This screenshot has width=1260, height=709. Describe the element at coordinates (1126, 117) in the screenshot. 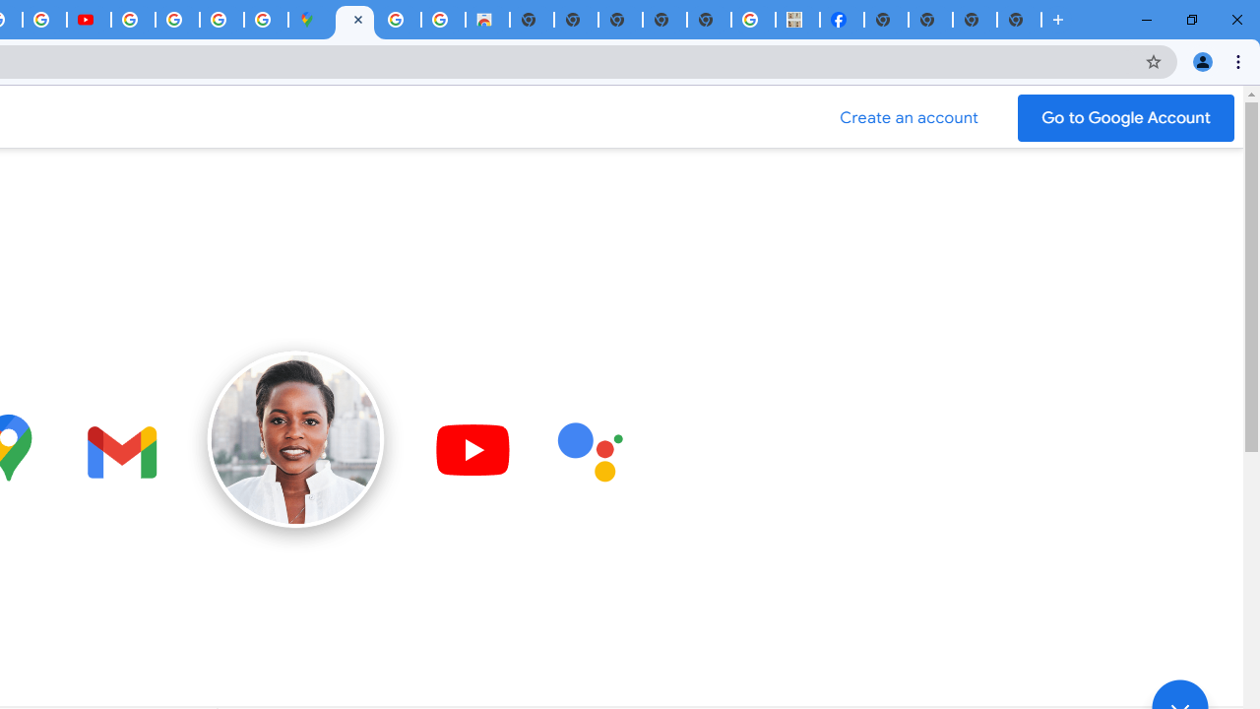

I see `'Go to your Google Account'` at that location.